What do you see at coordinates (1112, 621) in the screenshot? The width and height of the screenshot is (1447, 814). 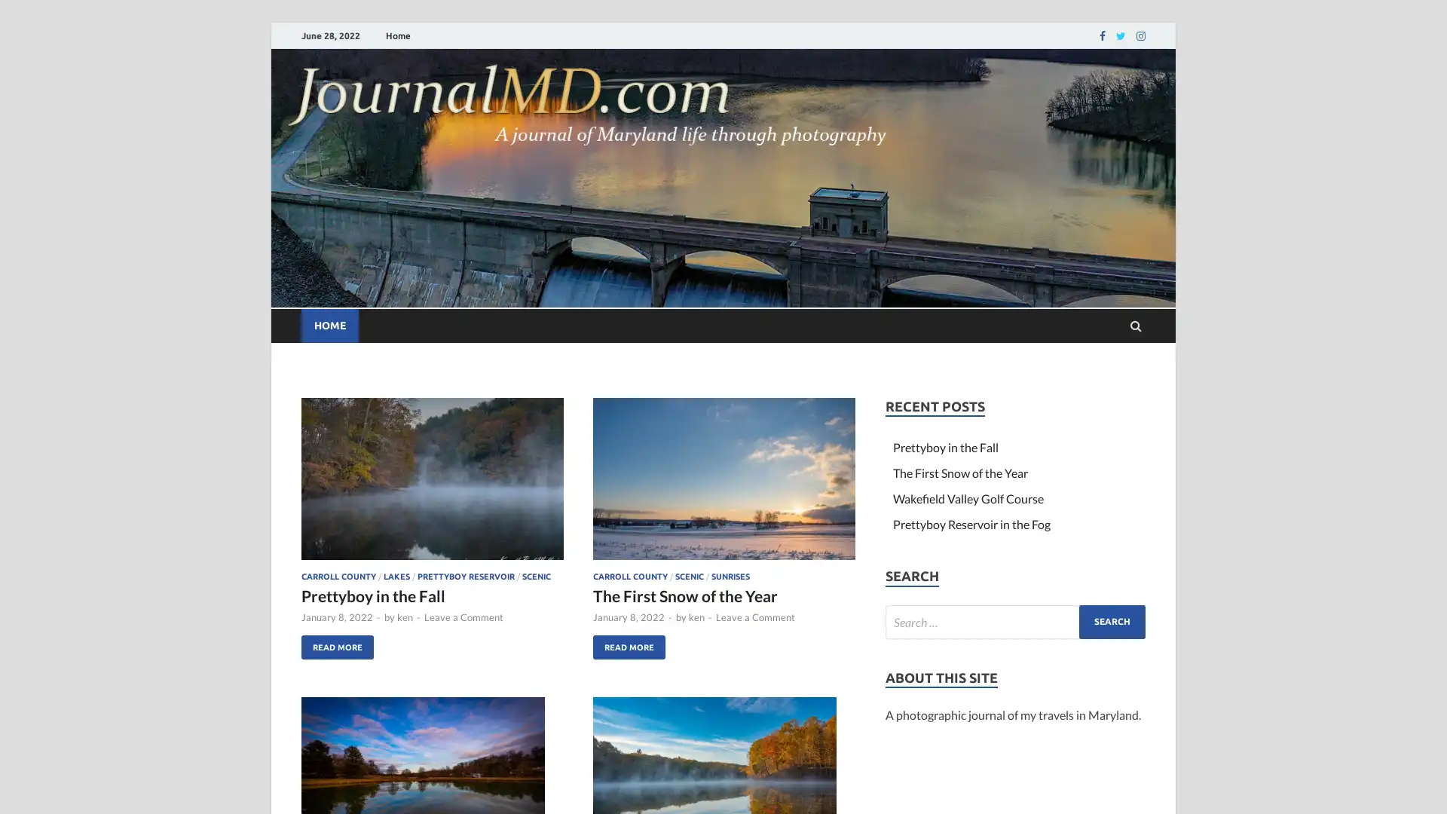 I see `Search` at bounding box center [1112, 621].